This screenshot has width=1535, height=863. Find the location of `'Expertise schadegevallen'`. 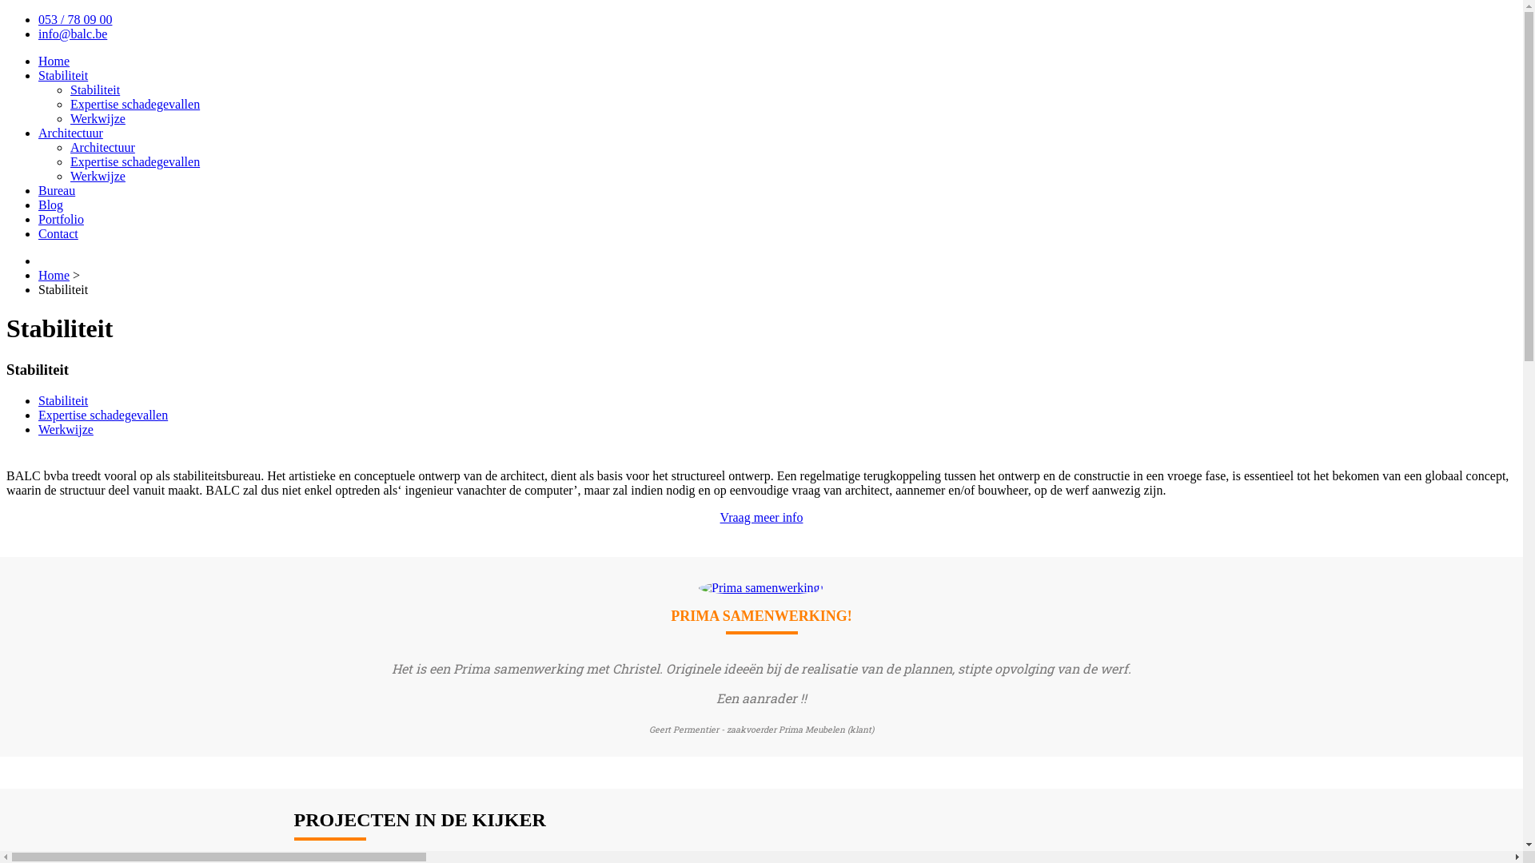

'Expertise schadegevallen' is located at coordinates (102, 414).